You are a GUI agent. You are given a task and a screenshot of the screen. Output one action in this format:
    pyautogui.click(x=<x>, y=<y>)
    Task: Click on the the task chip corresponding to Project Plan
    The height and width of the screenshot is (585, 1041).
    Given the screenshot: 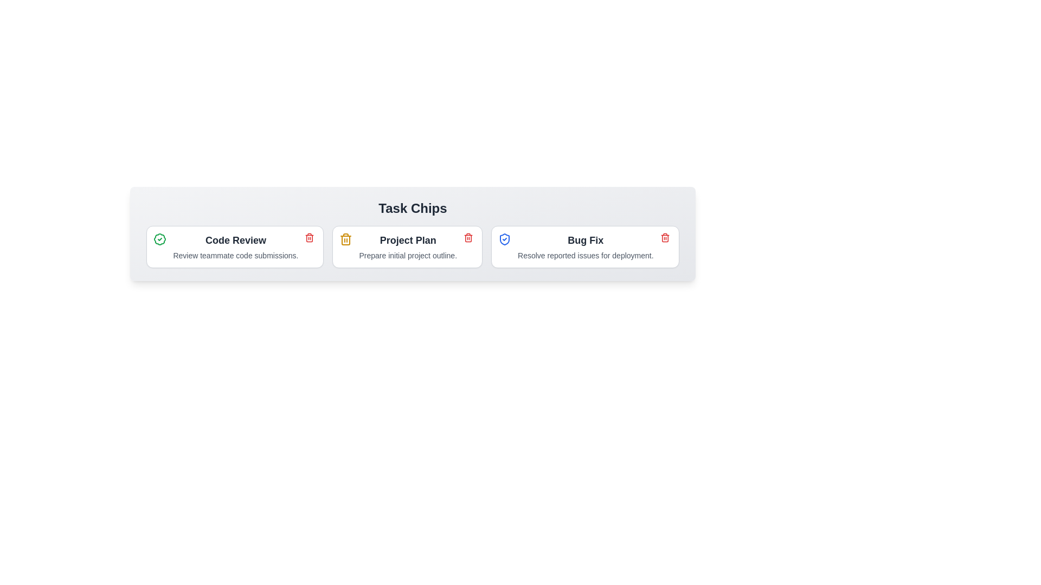 What is the action you would take?
    pyautogui.click(x=407, y=246)
    